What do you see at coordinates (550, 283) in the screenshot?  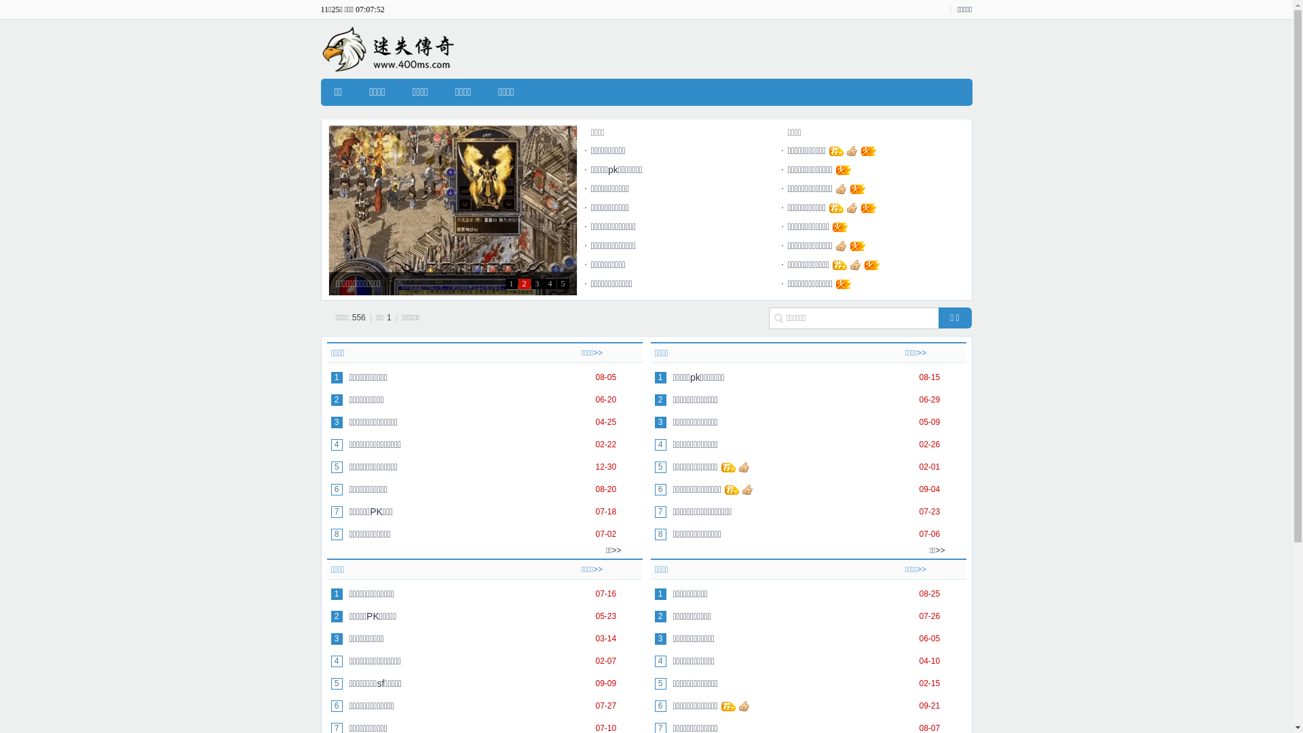 I see `'4'` at bounding box center [550, 283].